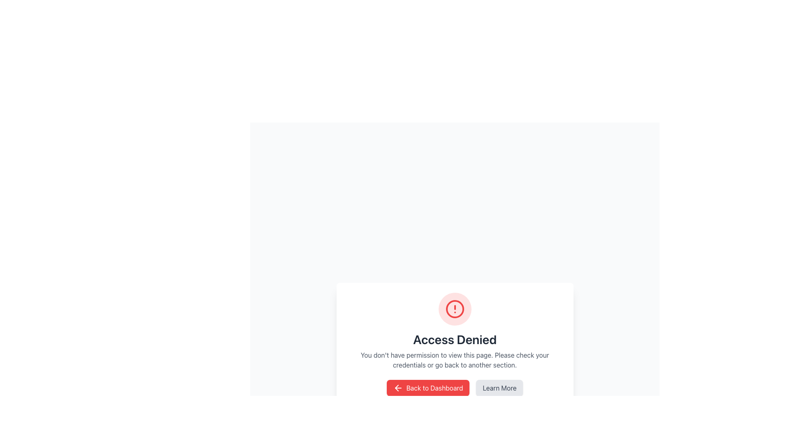  I want to click on the static text element displaying the message: 'You don't have permission, so click(454, 359).